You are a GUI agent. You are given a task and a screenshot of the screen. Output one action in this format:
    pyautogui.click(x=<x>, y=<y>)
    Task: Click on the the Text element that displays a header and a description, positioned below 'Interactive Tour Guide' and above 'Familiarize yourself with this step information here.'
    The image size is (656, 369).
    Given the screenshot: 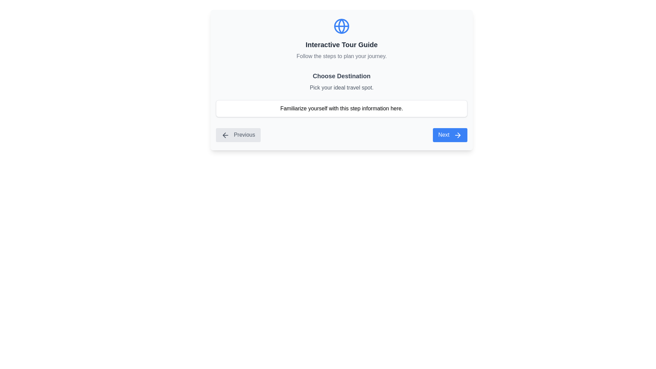 What is the action you would take?
    pyautogui.click(x=341, y=81)
    